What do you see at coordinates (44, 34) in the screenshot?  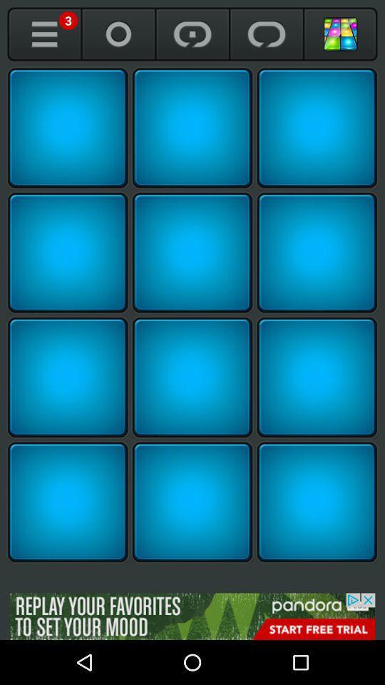 I see `open me` at bounding box center [44, 34].